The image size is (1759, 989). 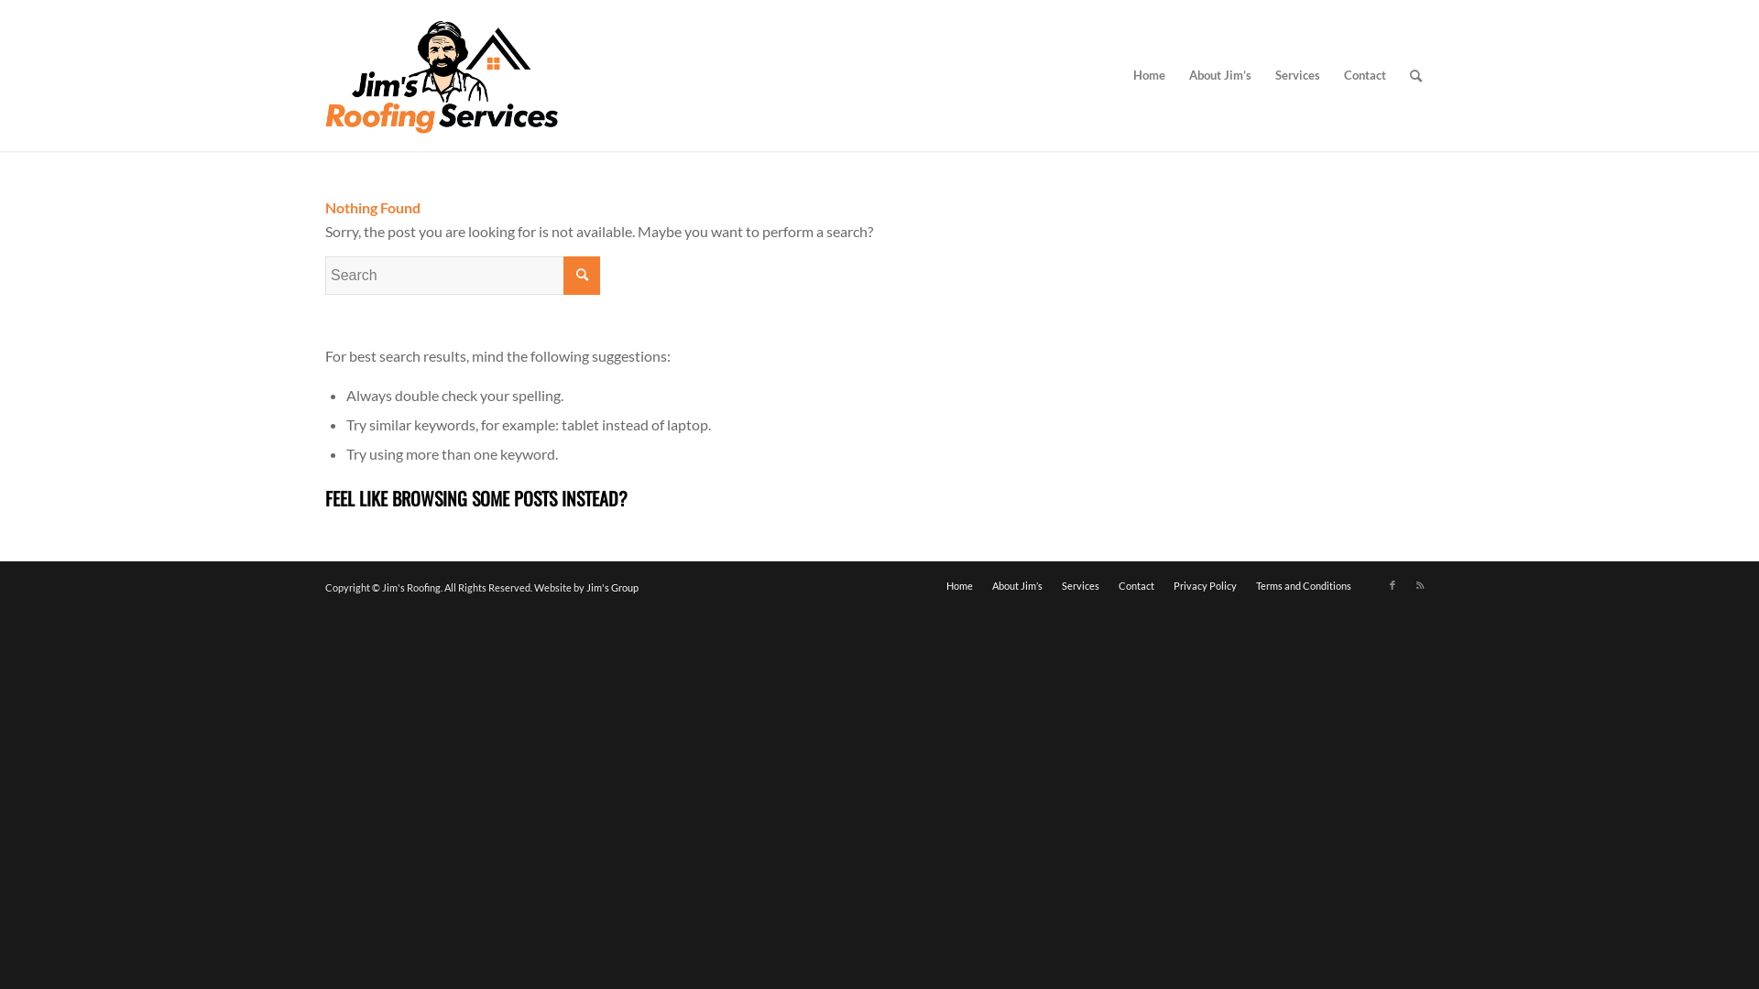 What do you see at coordinates (1205, 585) in the screenshot?
I see `'Privacy Policy'` at bounding box center [1205, 585].